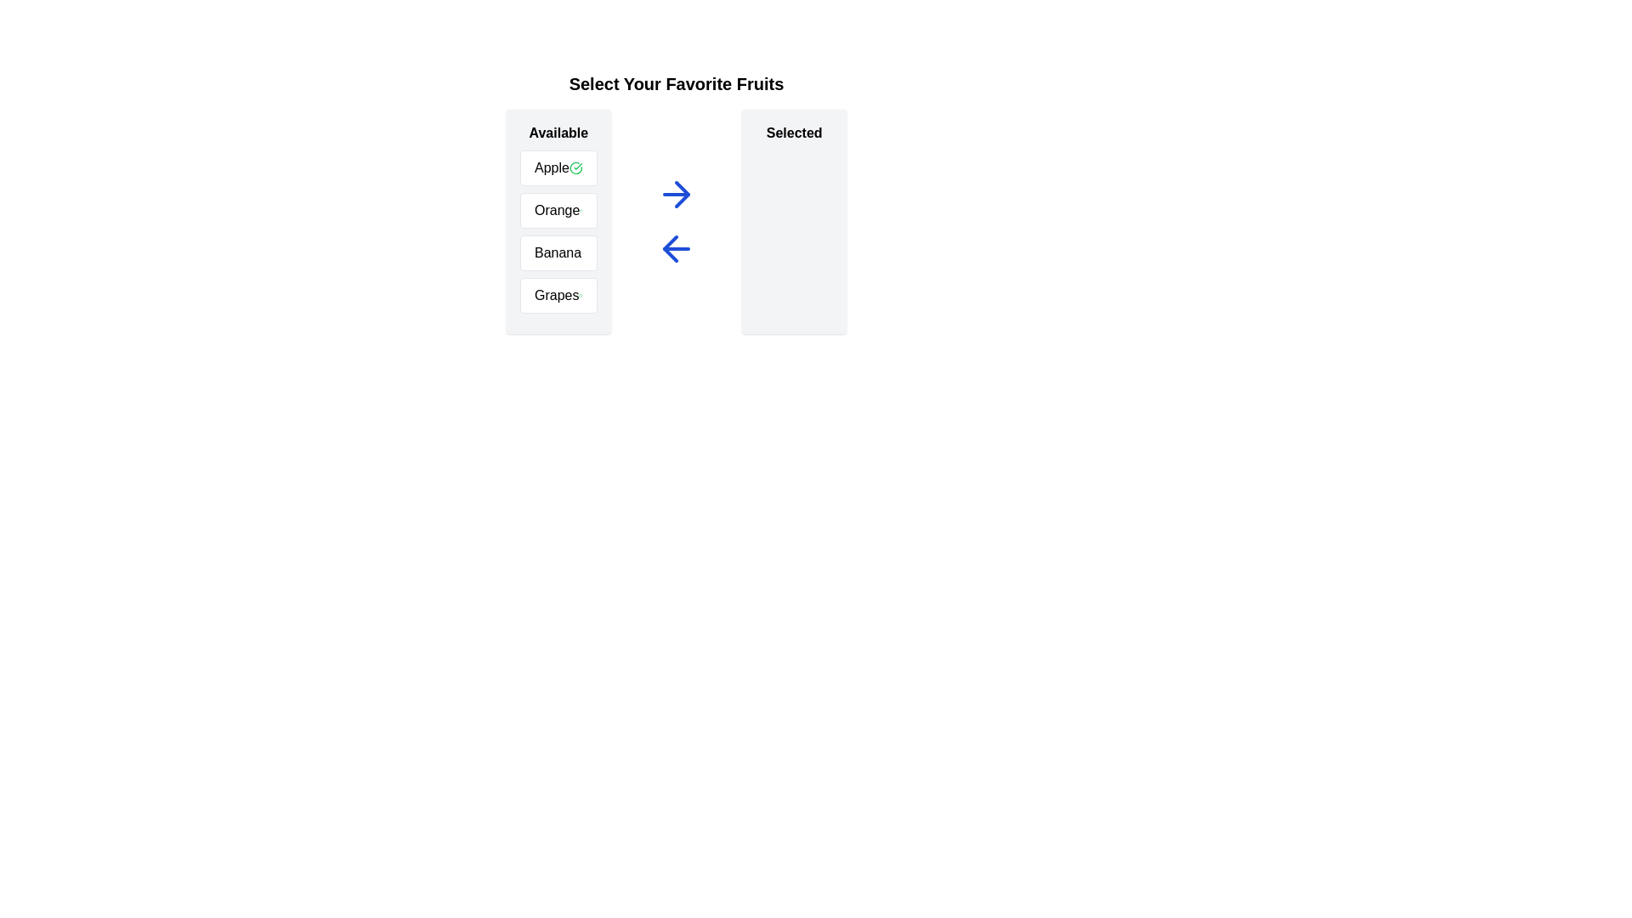  Describe the element at coordinates (558, 209) in the screenshot. I see `the text of the selected item Orange` at that location.